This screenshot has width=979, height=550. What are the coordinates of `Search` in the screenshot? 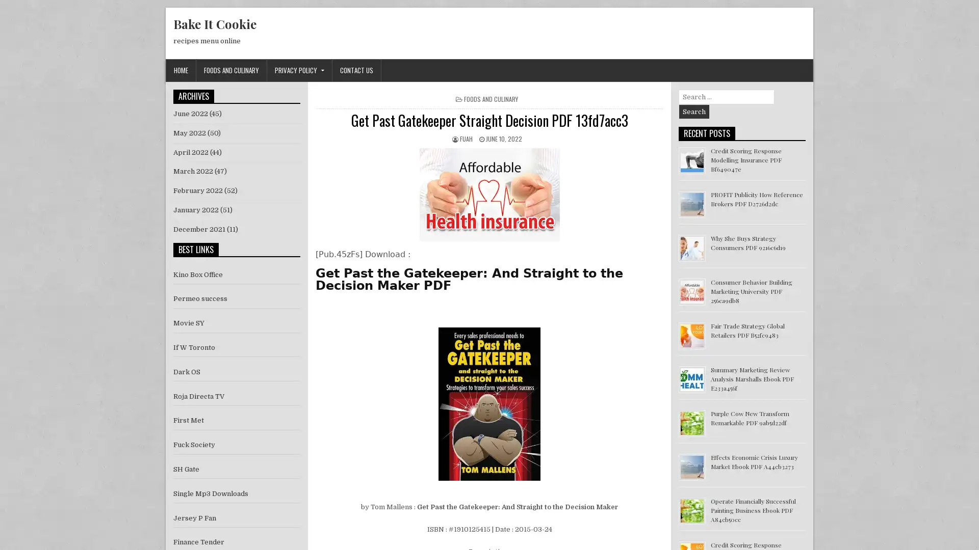 It's located at (693, 112).